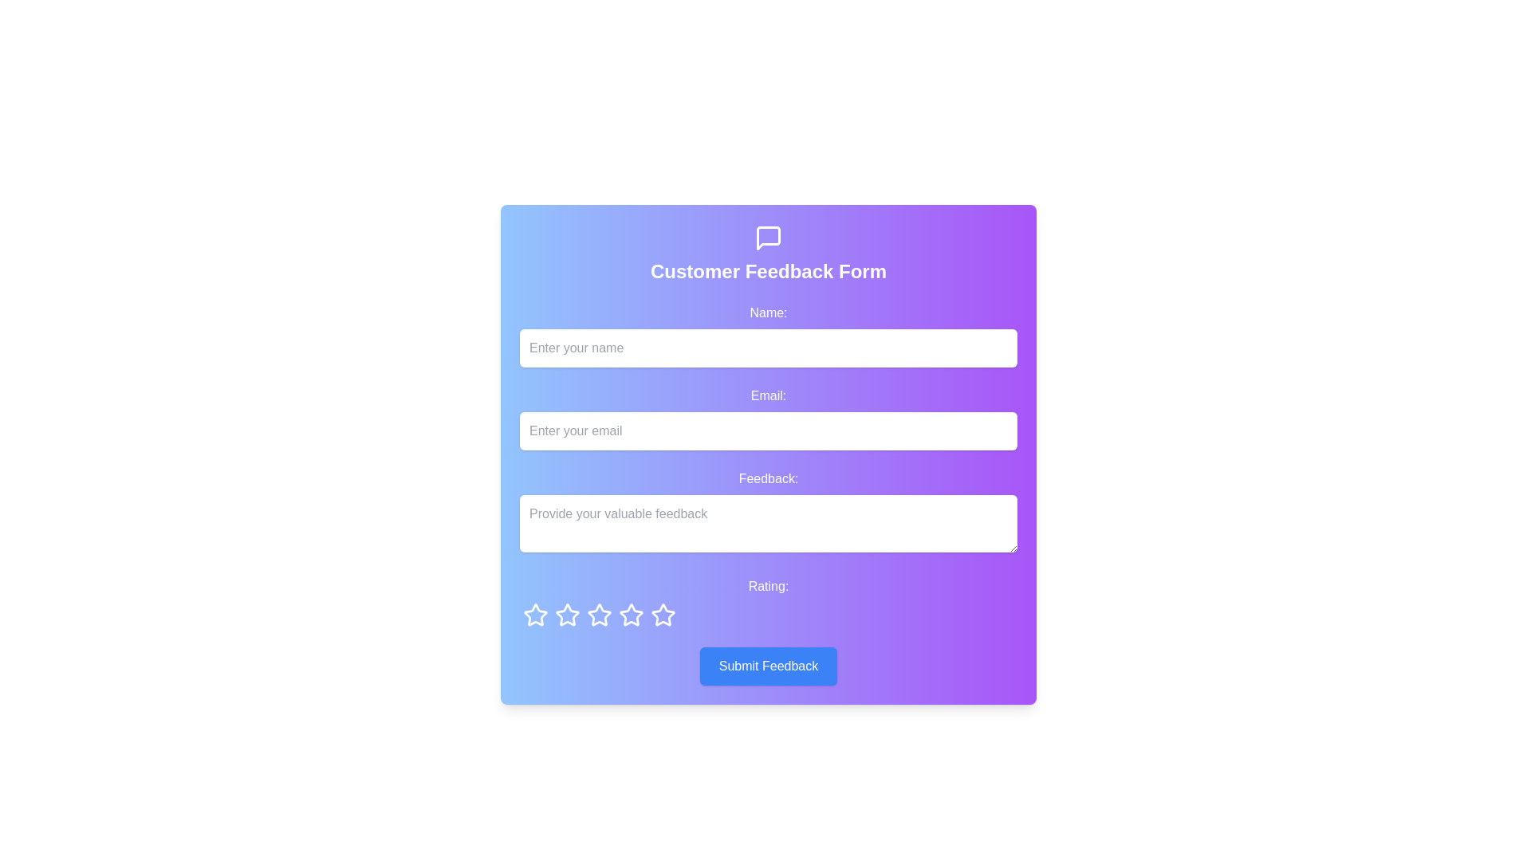 This screenshot has height=861, width=1531. What do you see at coordinates (769, 313) in the screenshot?
I see `the 'Name:' text label, which is styled with a white bold font and positioned above the name input field on a gradient background` at bounding box center [769, 313].